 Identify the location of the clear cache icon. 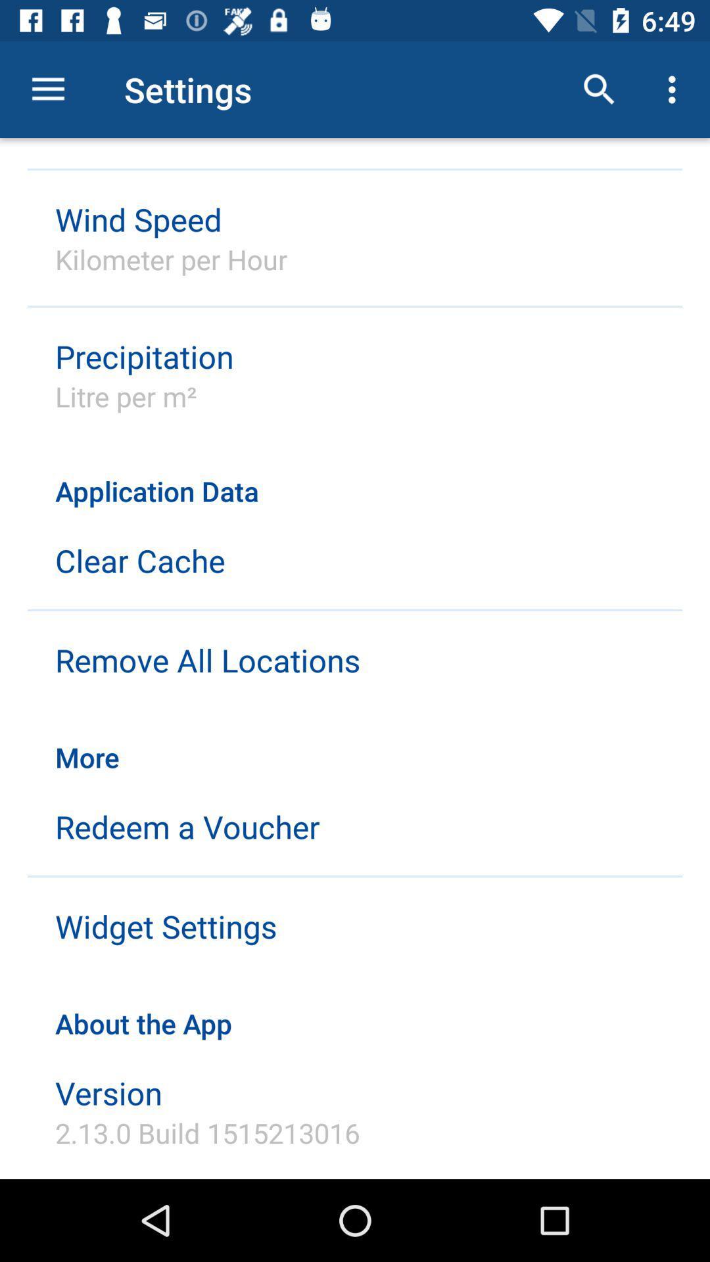
(140, 560).